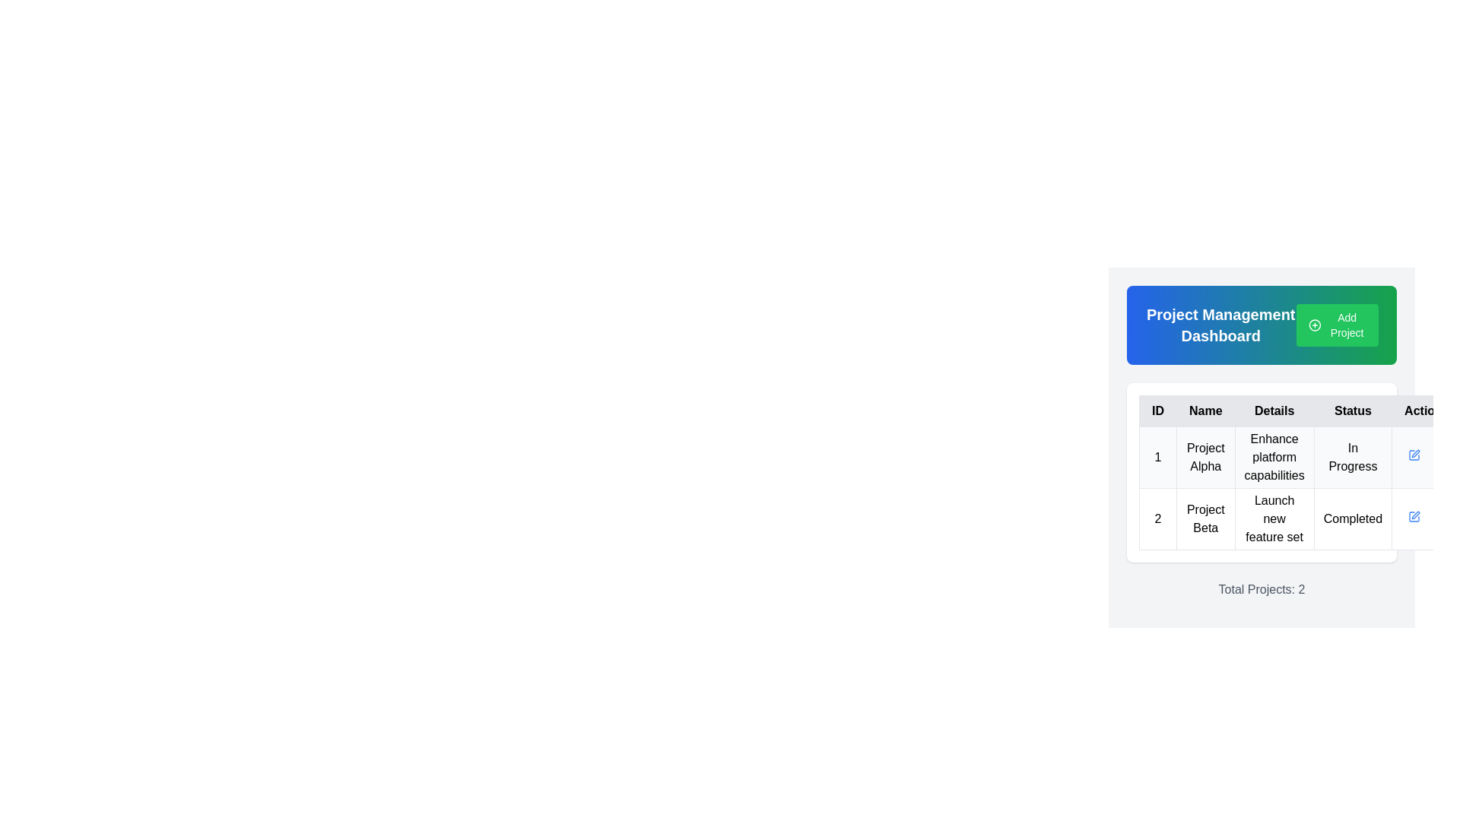  I want to click on the descriptive text display in the 'Details' column of row '2' for 'Project Beta', so click(1274, 518).